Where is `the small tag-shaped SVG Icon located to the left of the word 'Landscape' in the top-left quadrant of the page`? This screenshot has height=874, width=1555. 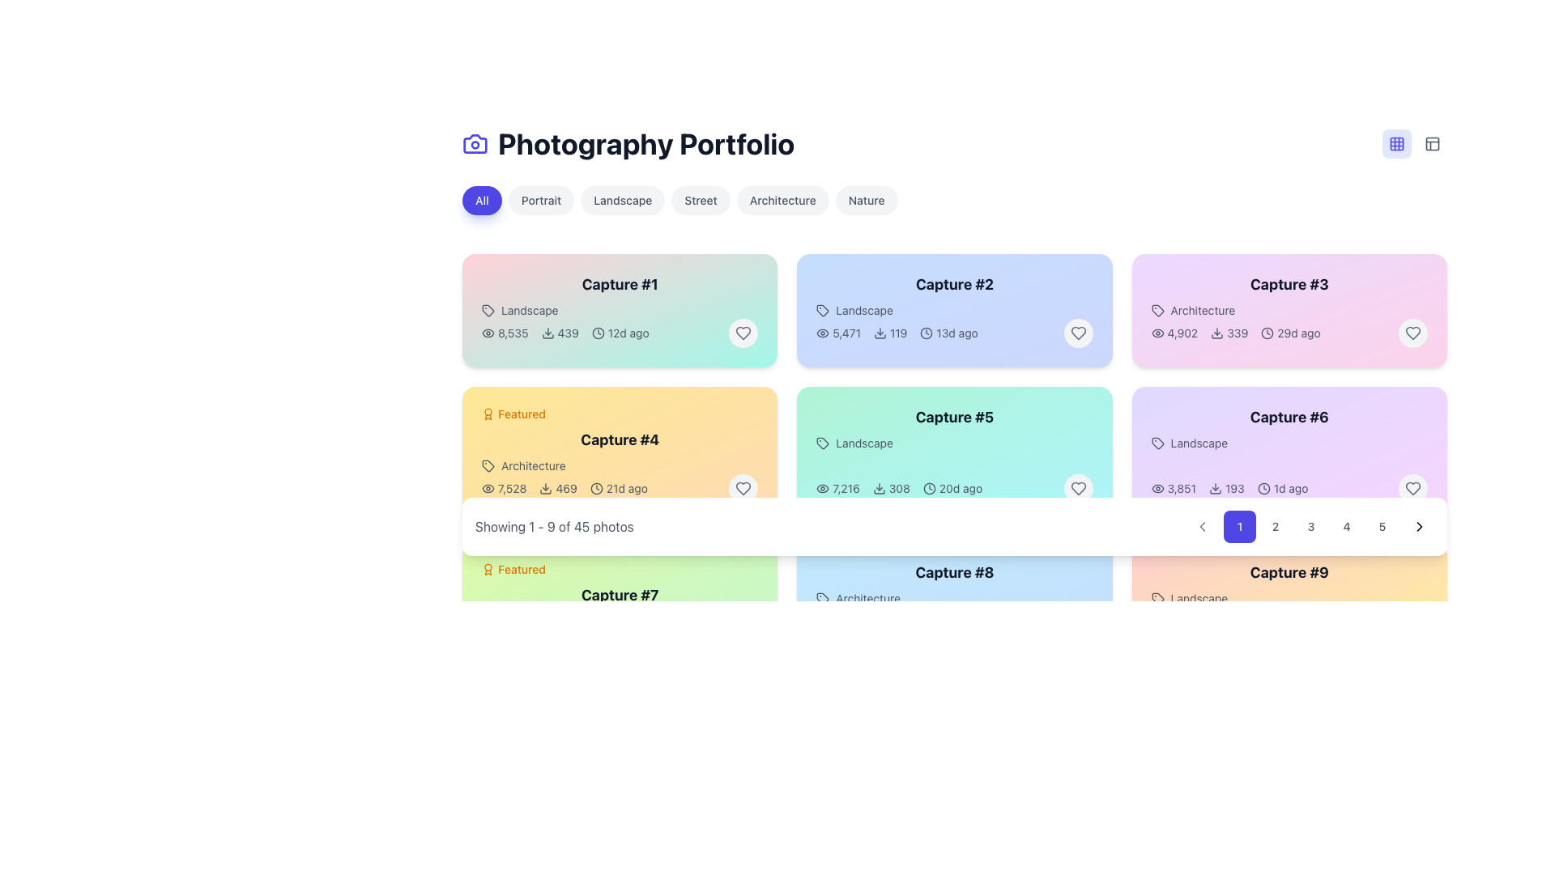
the small tag-shaped SVG Icon located to the left of the word 'Landscape' in the top-left quadrant of the page is located at coordinates (488, 311).